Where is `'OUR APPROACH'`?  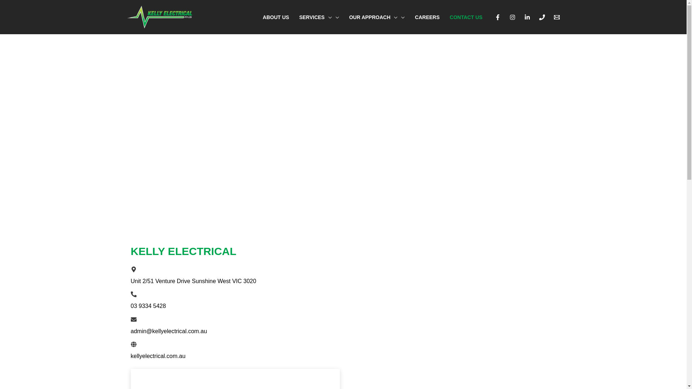
'OUR APPROACH' is located at coordinates (377, 17).